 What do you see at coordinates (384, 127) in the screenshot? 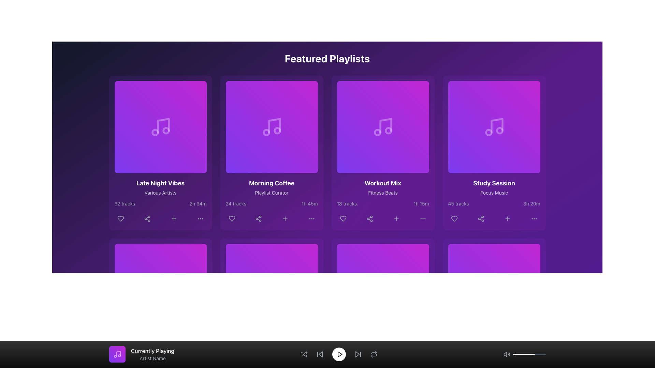
I see `the central play icon within the circular button located below the 'Workout Mix' section in the 'Featured Playlists' grid` at bounding box center [384, 127].